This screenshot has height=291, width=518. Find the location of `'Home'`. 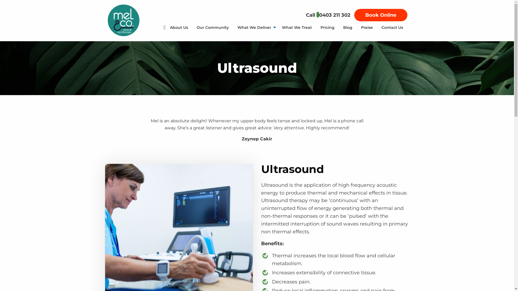

'Home' is located at coordinates (145, 27).